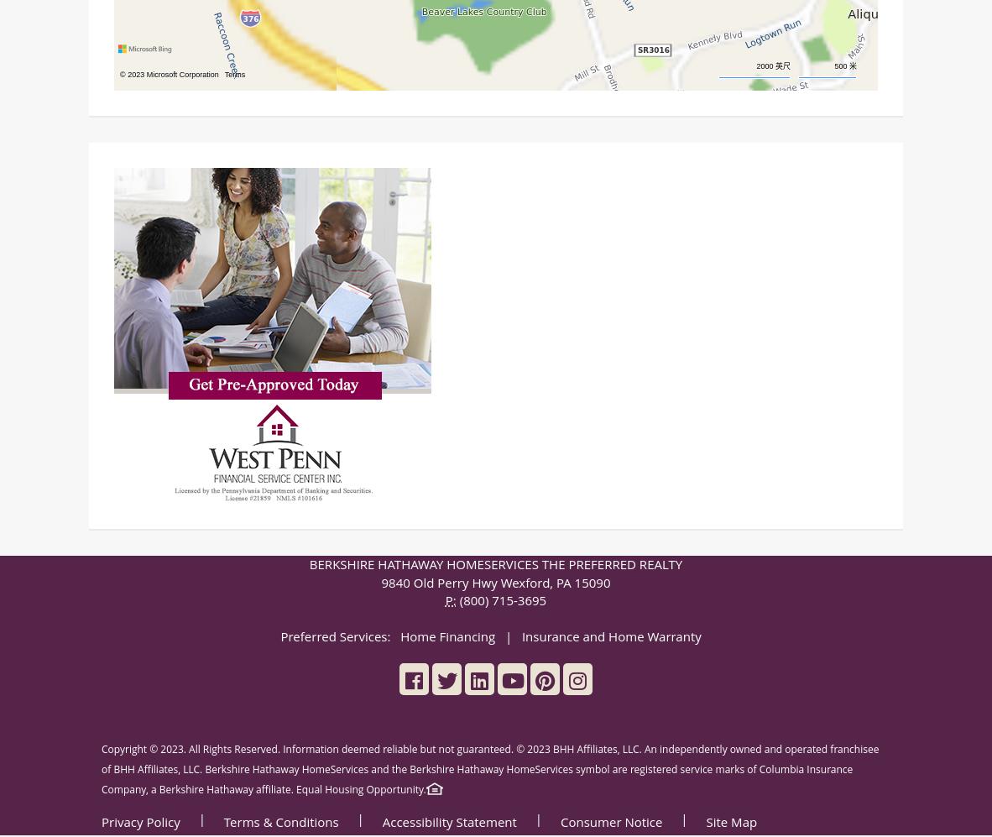 This screenshot has width=992, height=837. I want to click on 'Terms', so click(233, 77).